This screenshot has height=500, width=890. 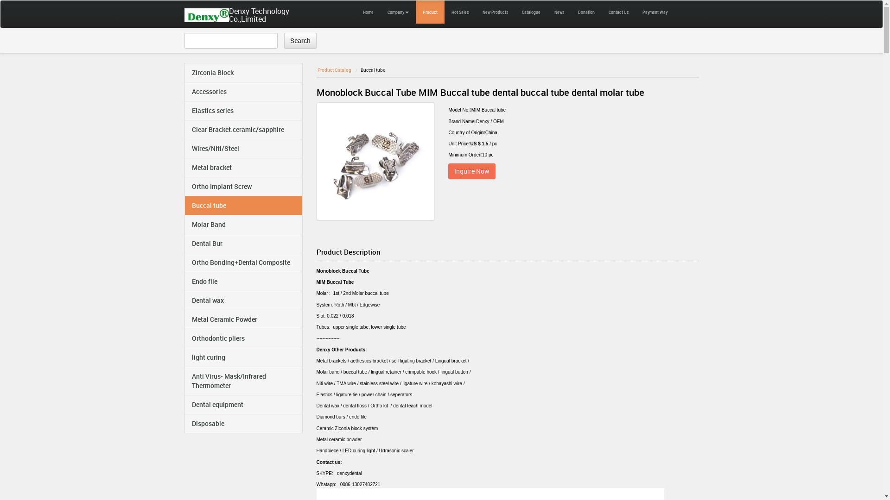 I want to click on 'Metal bracket', so click(x=243, y=168).